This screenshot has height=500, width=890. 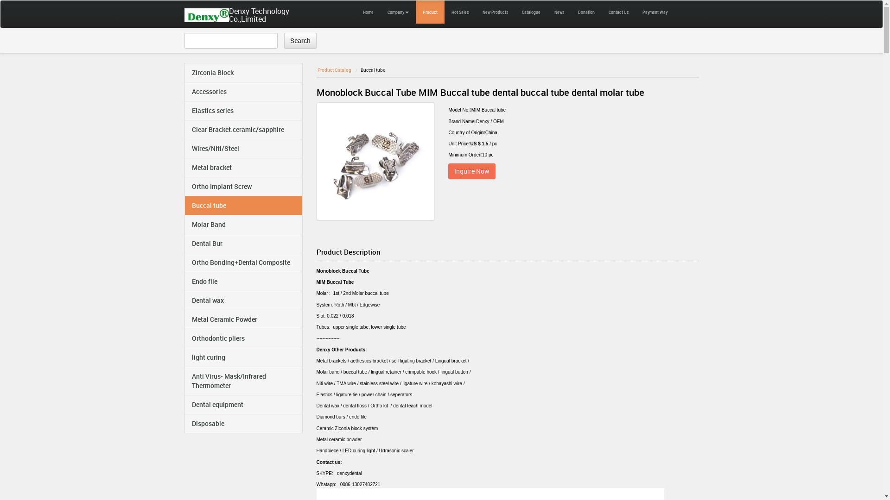 I want to click on 'Metal bracket', so click(x=243, y=168).